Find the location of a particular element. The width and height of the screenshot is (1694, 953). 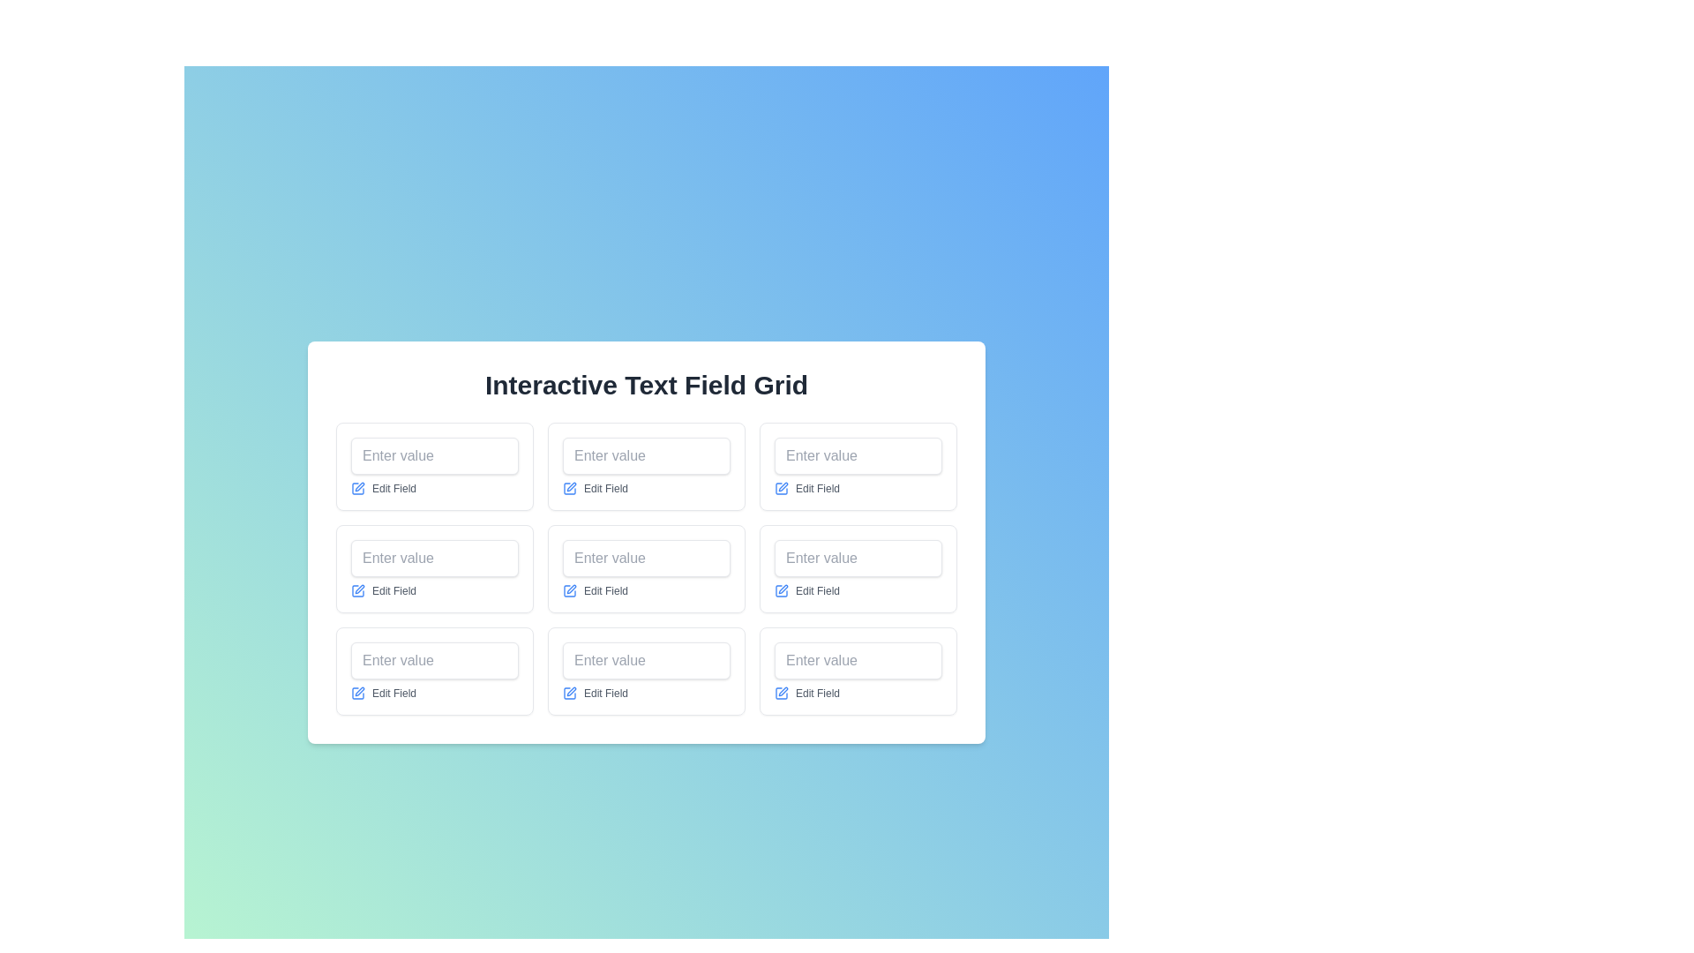

the editable field icon located in the bottom right corner of the grid layout is located at coordinates (783, 690).